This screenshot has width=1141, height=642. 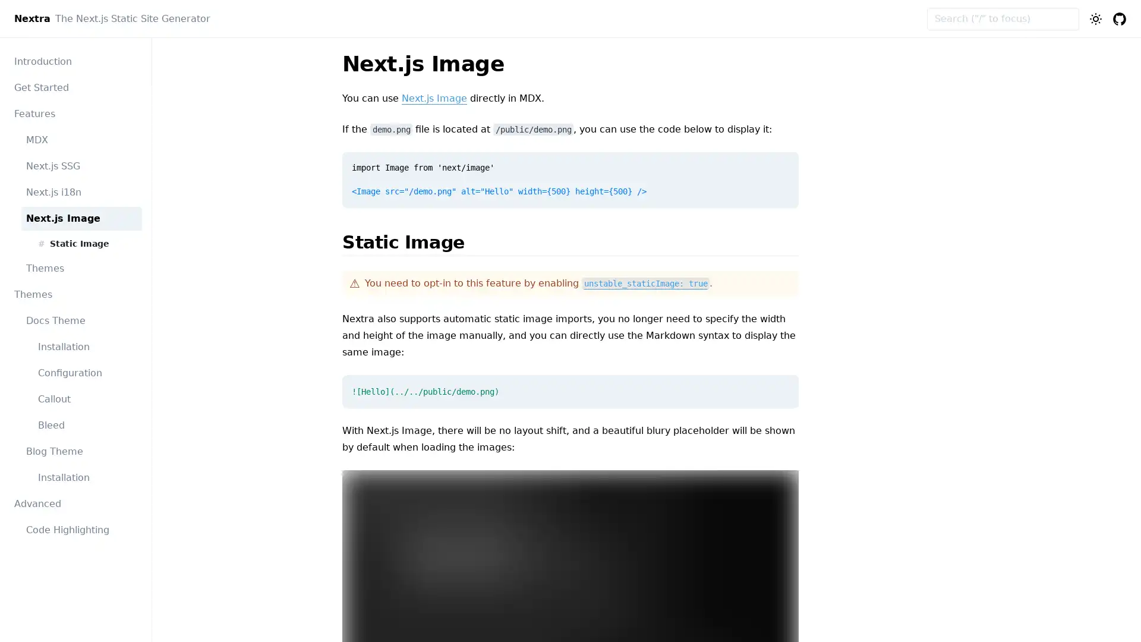 What do you see at coordinates (81, 321) in the screenshot?
I see `Docs Theme` at bounding box center [81, 321].